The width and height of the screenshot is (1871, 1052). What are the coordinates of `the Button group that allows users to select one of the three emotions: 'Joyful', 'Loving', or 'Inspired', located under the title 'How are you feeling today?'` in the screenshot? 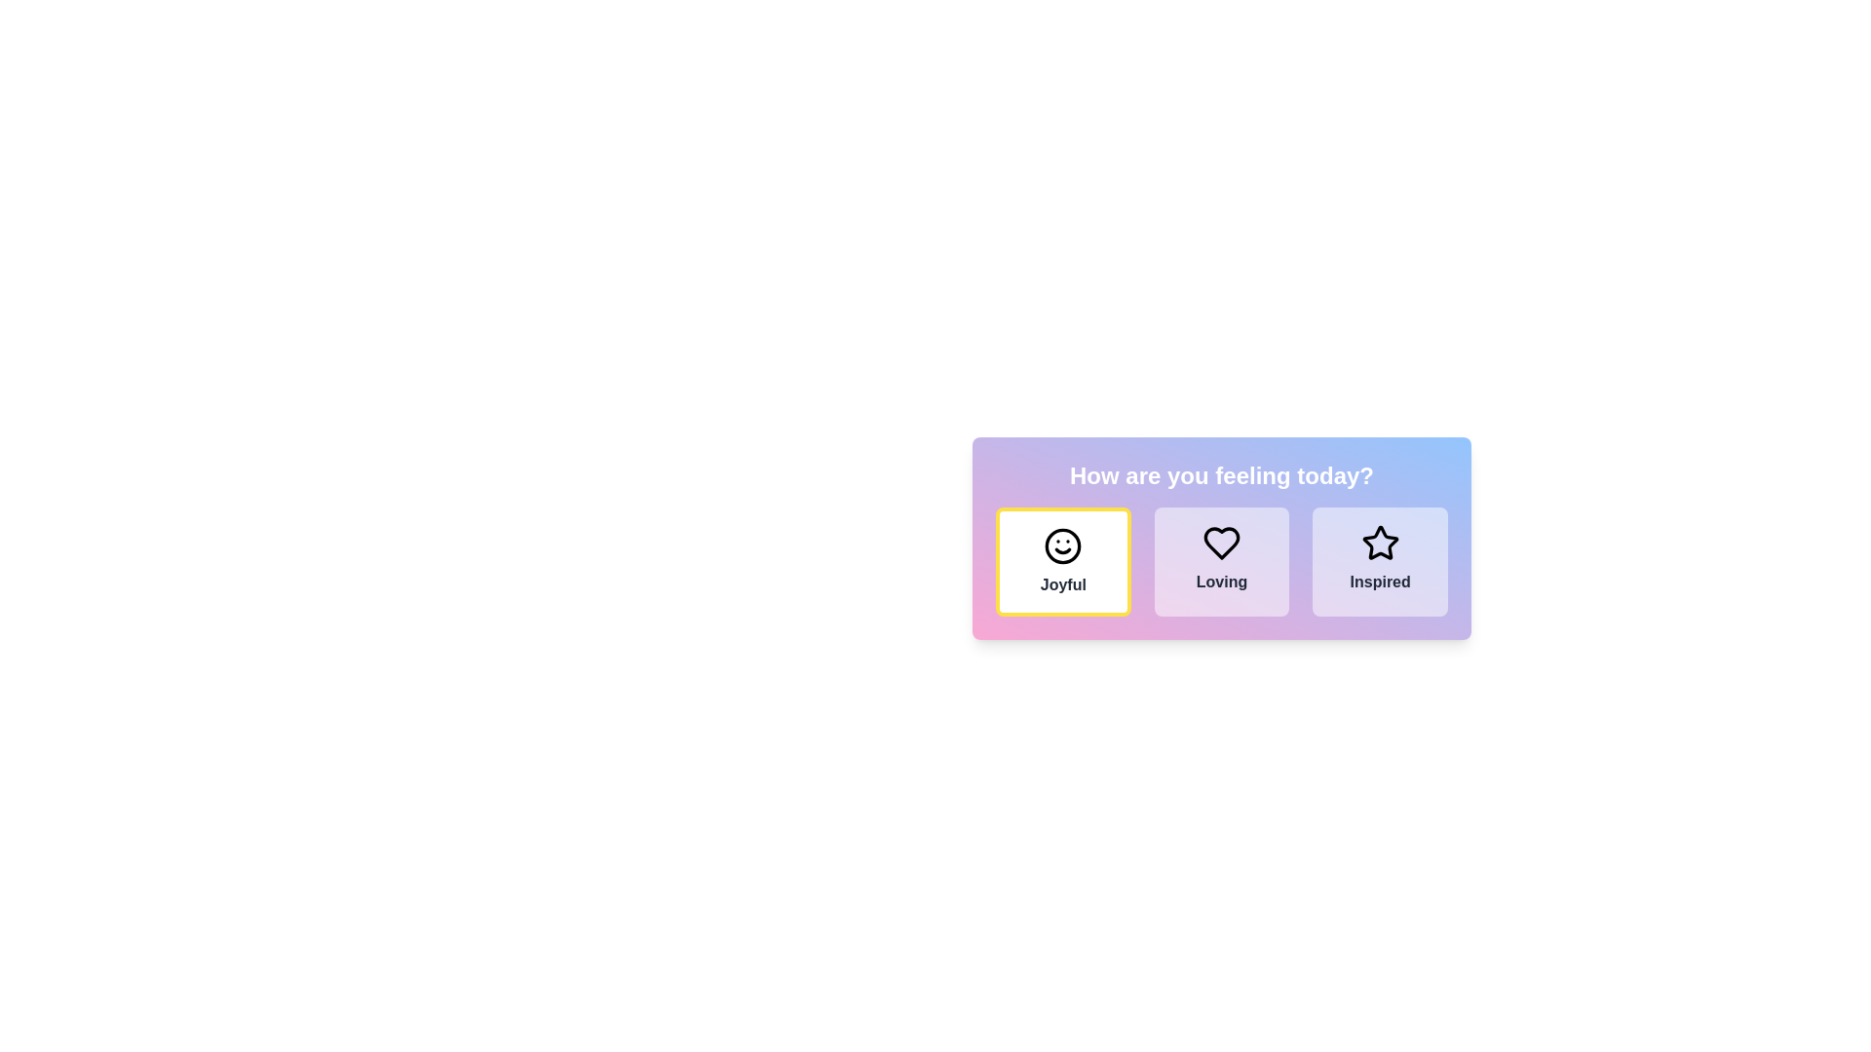 It's located at (1220, 538).